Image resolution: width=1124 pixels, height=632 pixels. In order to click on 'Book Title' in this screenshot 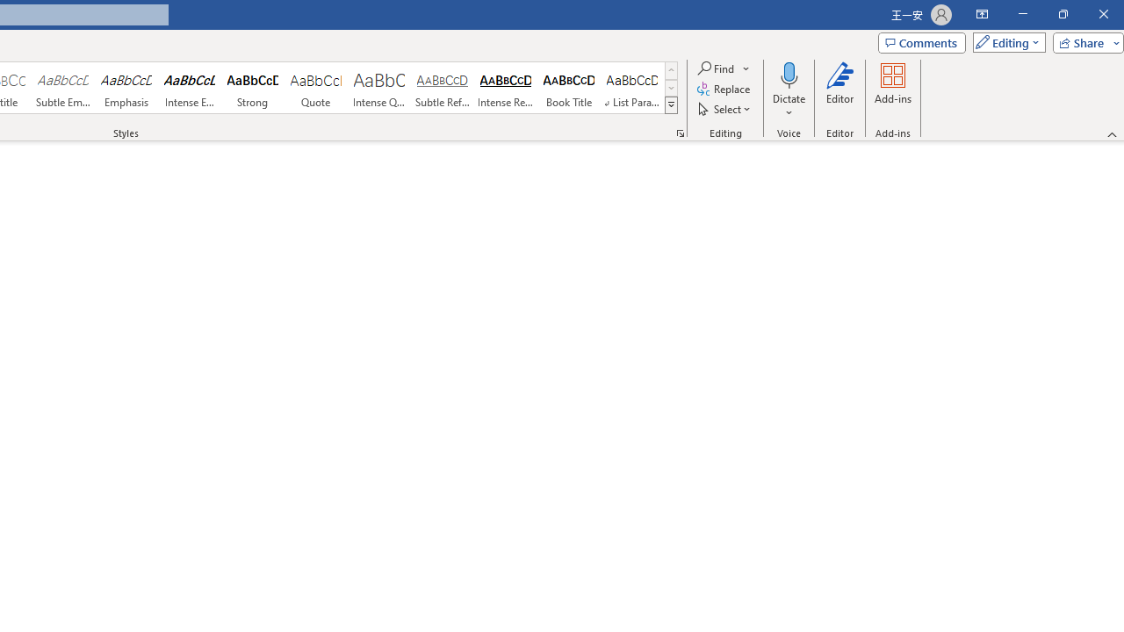, I will do `click(568, 88)`.